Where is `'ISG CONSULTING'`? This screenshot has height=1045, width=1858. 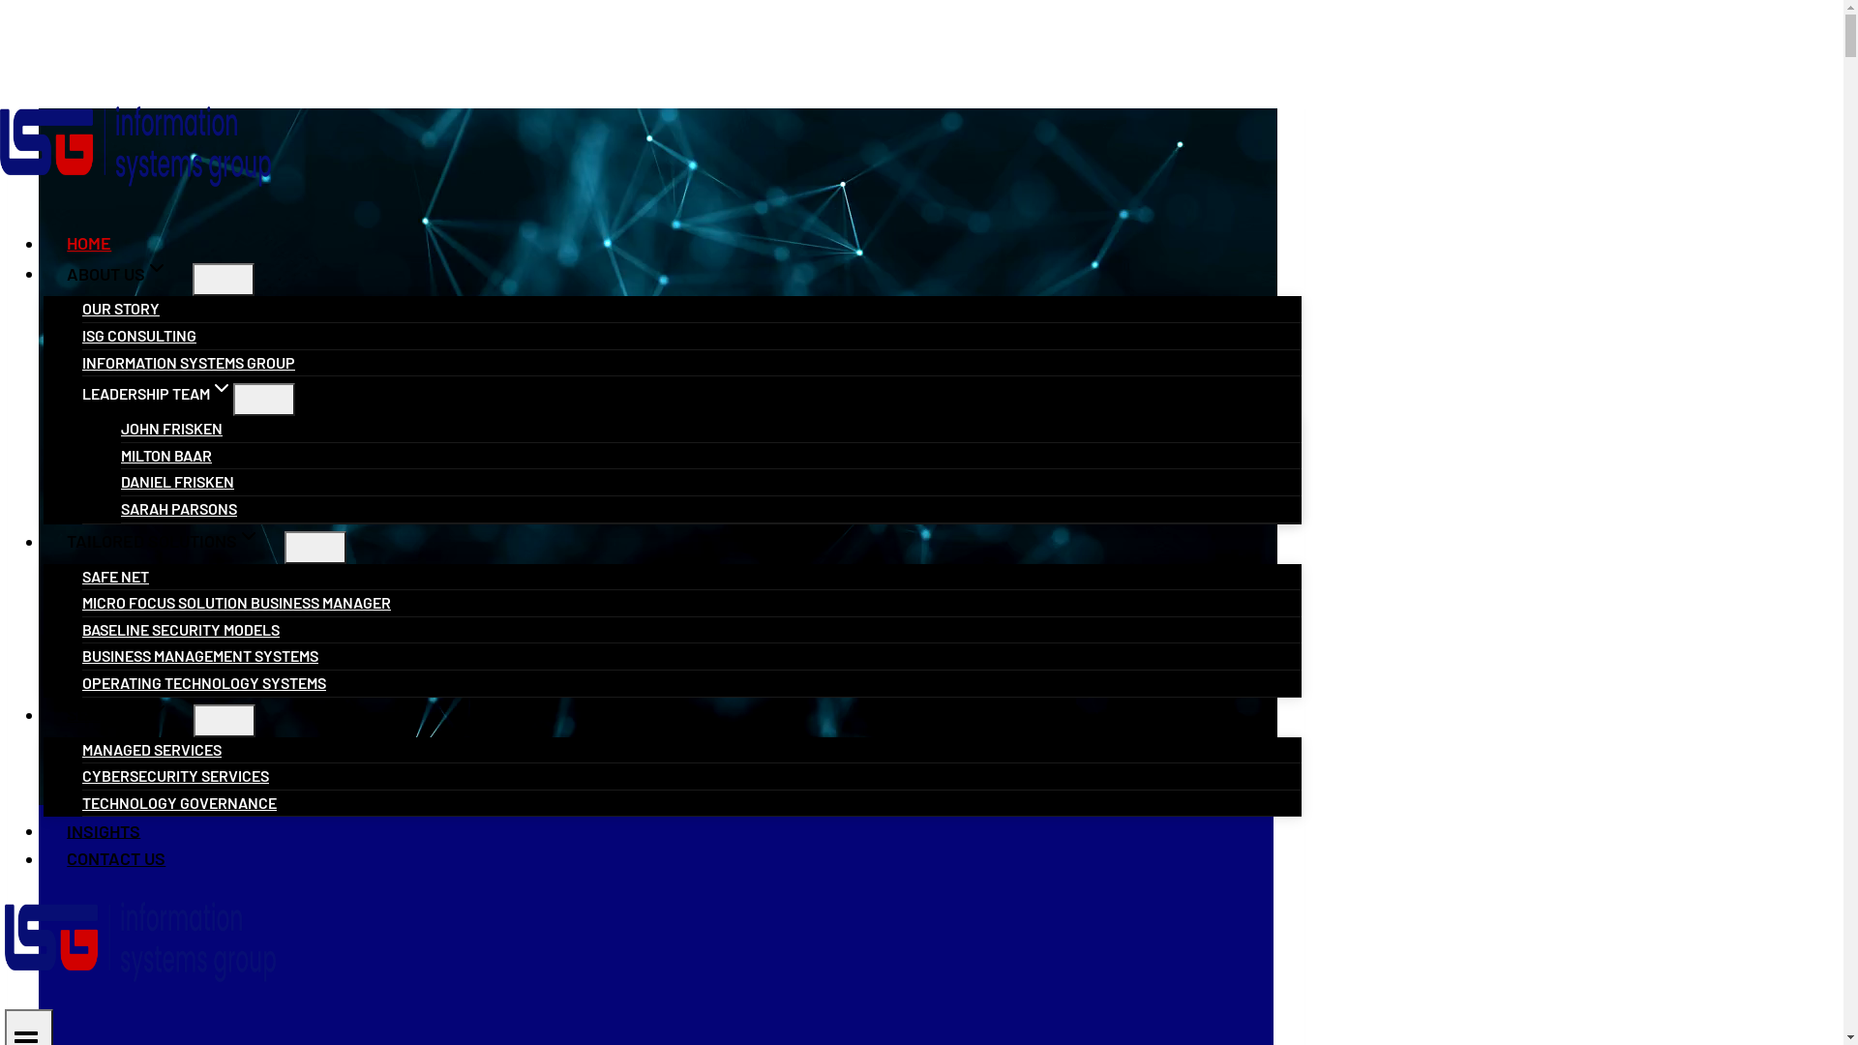 'ISG CONSULTING' is located at coordinates (138, 334).